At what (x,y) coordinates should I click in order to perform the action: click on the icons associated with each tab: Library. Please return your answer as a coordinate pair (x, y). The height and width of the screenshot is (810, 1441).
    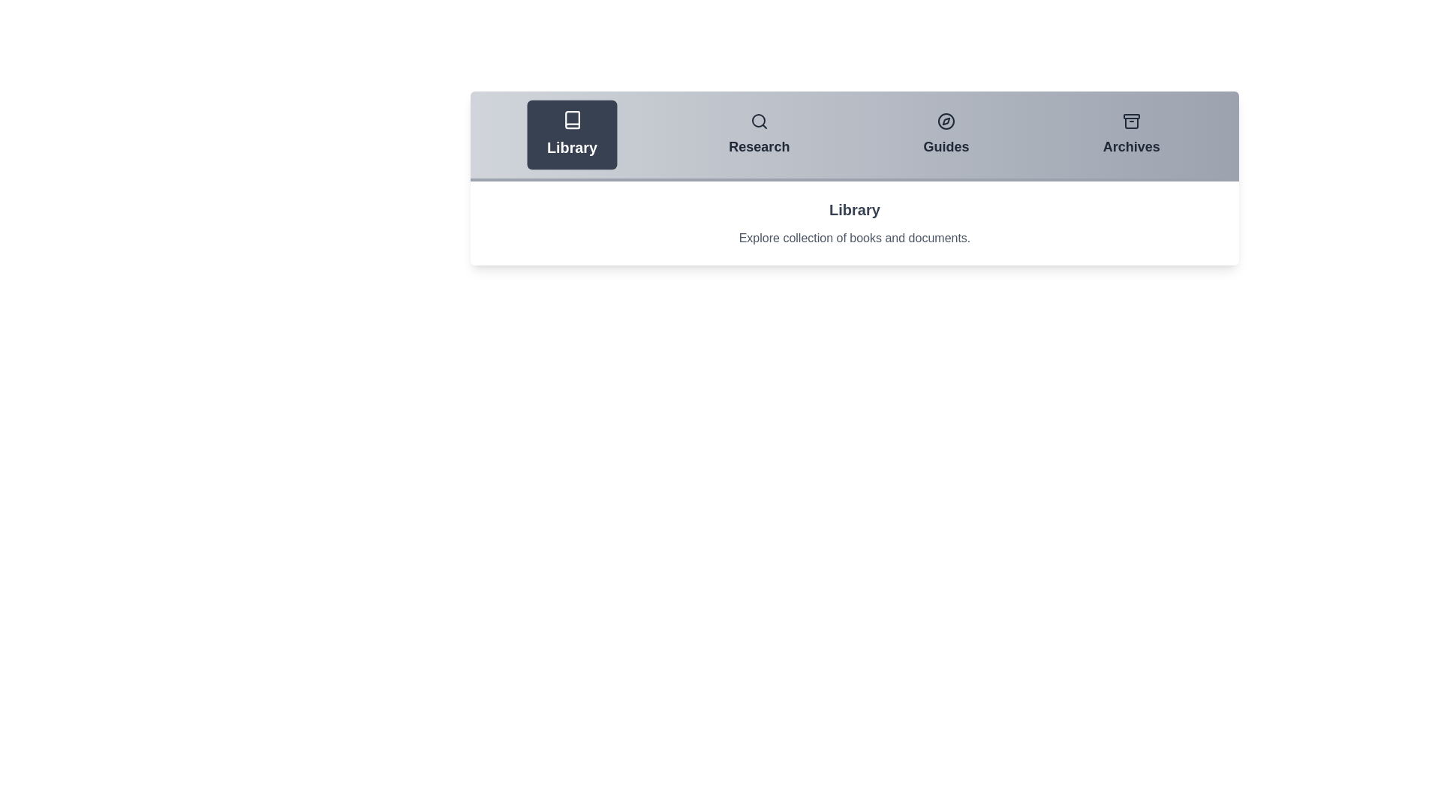
    Looking at the image, I should click on (571, 119).